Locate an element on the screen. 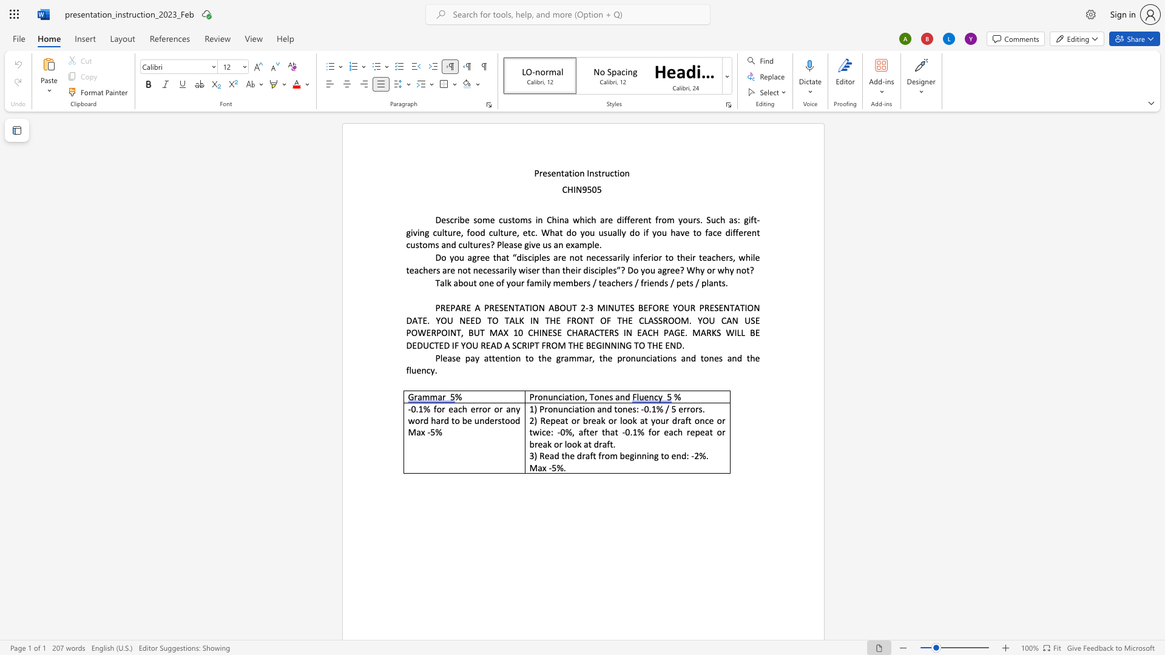  the 1th character "," in the text is located at coordinates (586, 397).